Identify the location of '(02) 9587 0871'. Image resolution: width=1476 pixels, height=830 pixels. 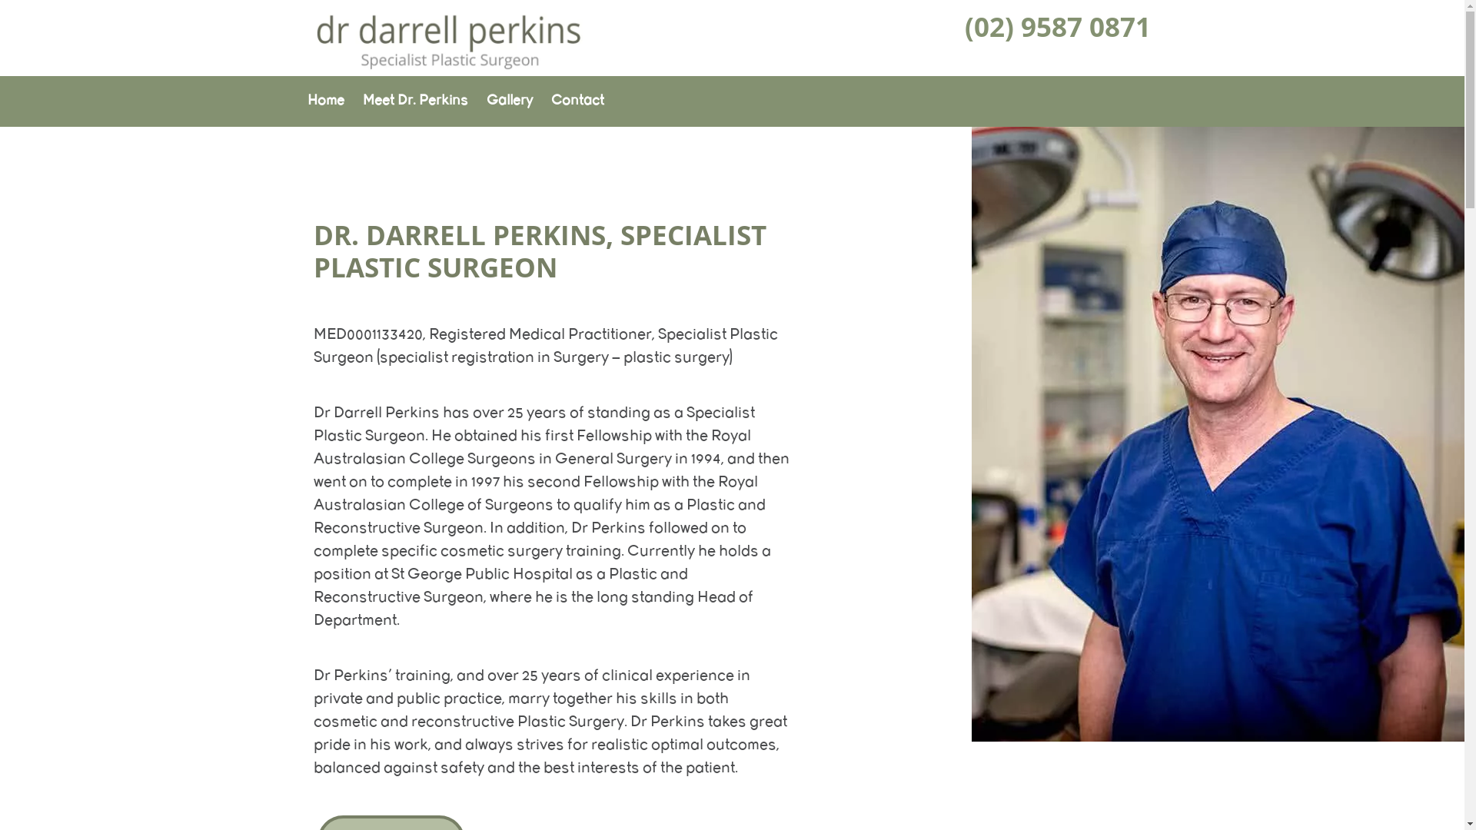
(1057, 26).